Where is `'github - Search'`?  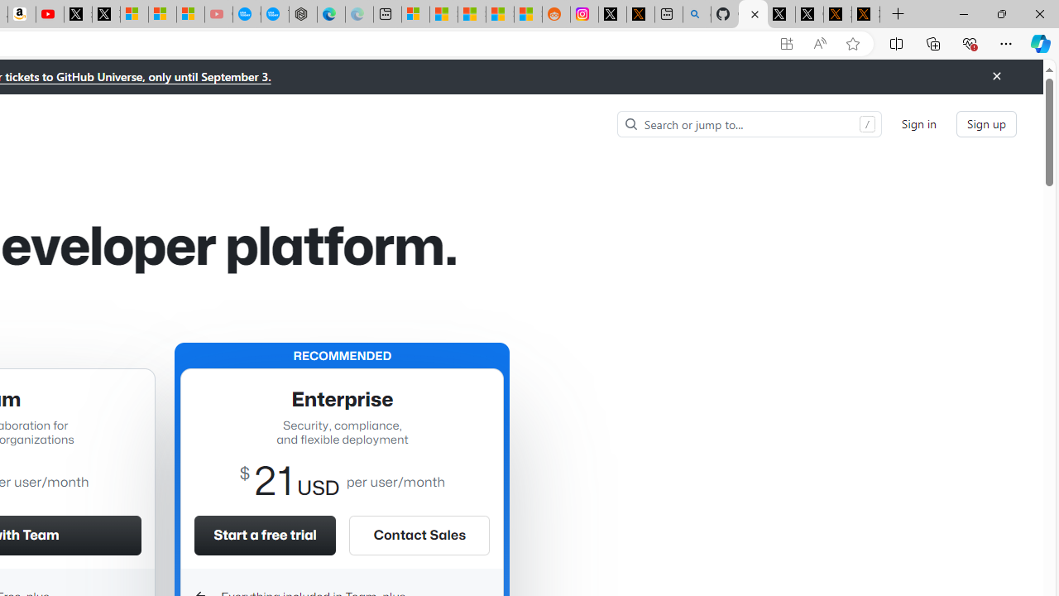
'github - Search' is located at coordinates (697, 14).